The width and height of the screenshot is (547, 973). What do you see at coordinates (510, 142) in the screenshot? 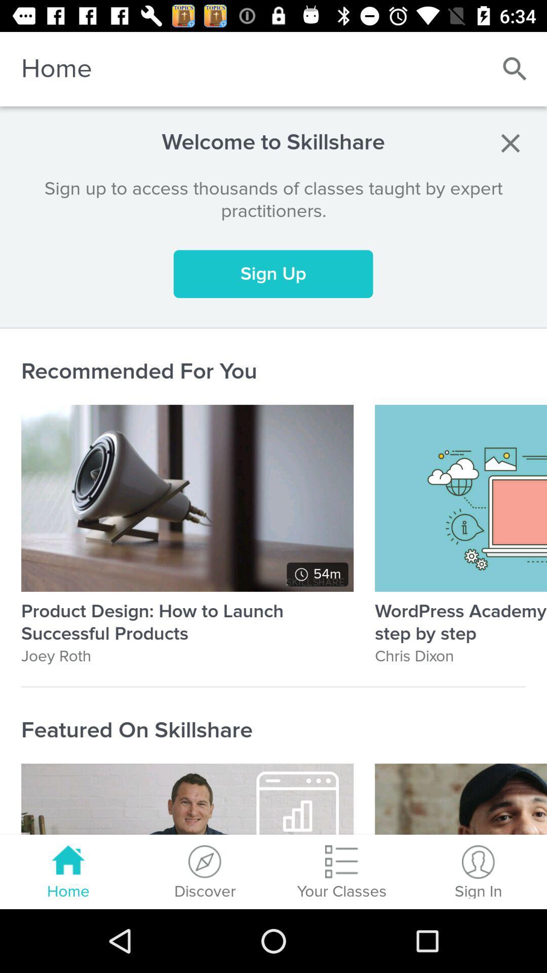
I see `signup message` at bounding box center [510, 142].